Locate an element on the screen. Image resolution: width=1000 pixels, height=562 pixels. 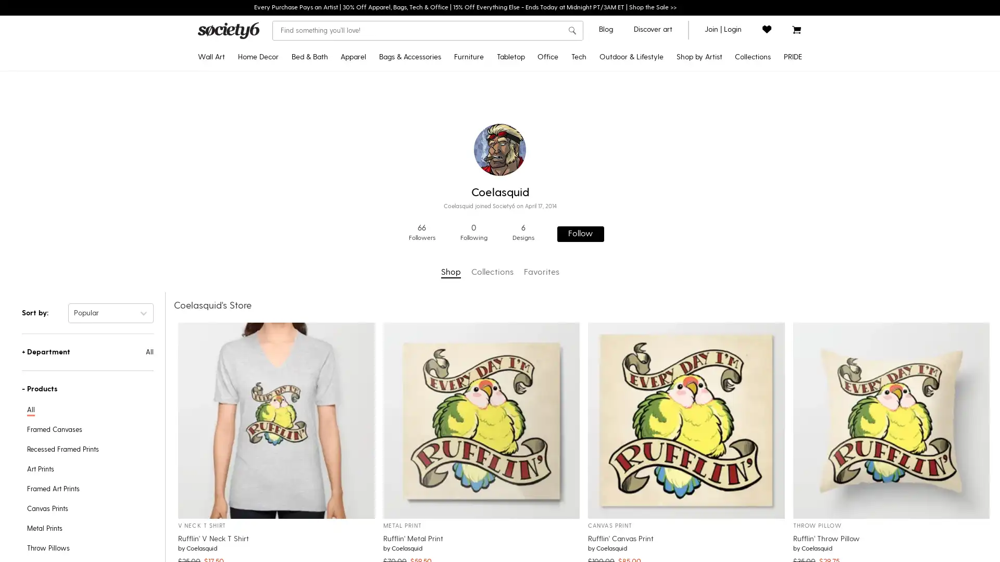
Home Decor is located at coordinates (257, 57).